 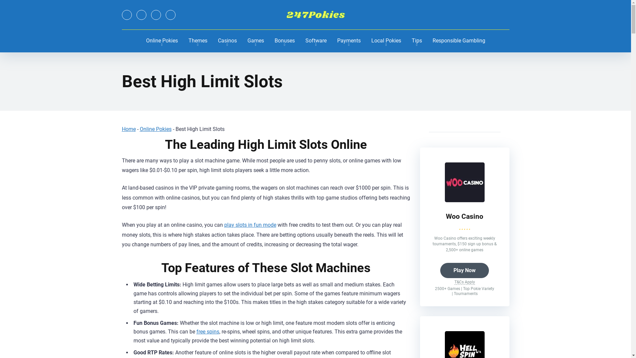 What do you see at coordinates (129, 129) in the screenshot?
I see `'Home'` at bounding box center [129, 129].